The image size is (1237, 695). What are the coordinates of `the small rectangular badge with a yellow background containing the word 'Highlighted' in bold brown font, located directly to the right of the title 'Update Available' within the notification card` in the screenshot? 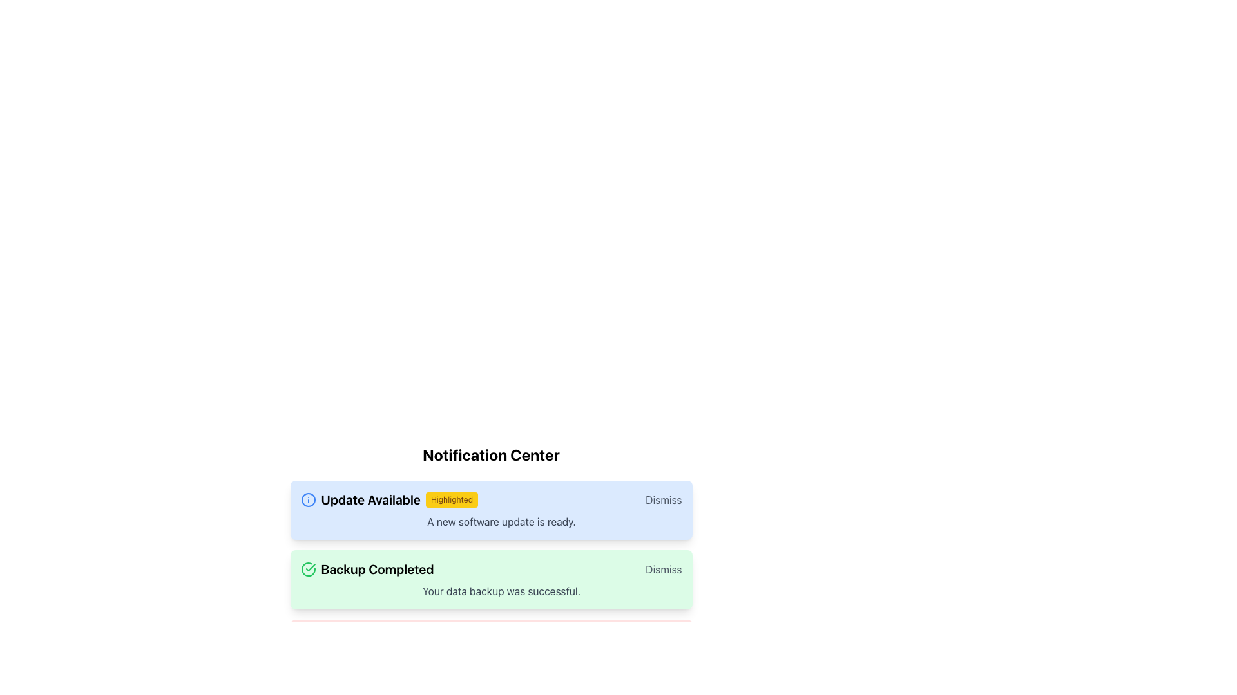 It's located at (452, 499).